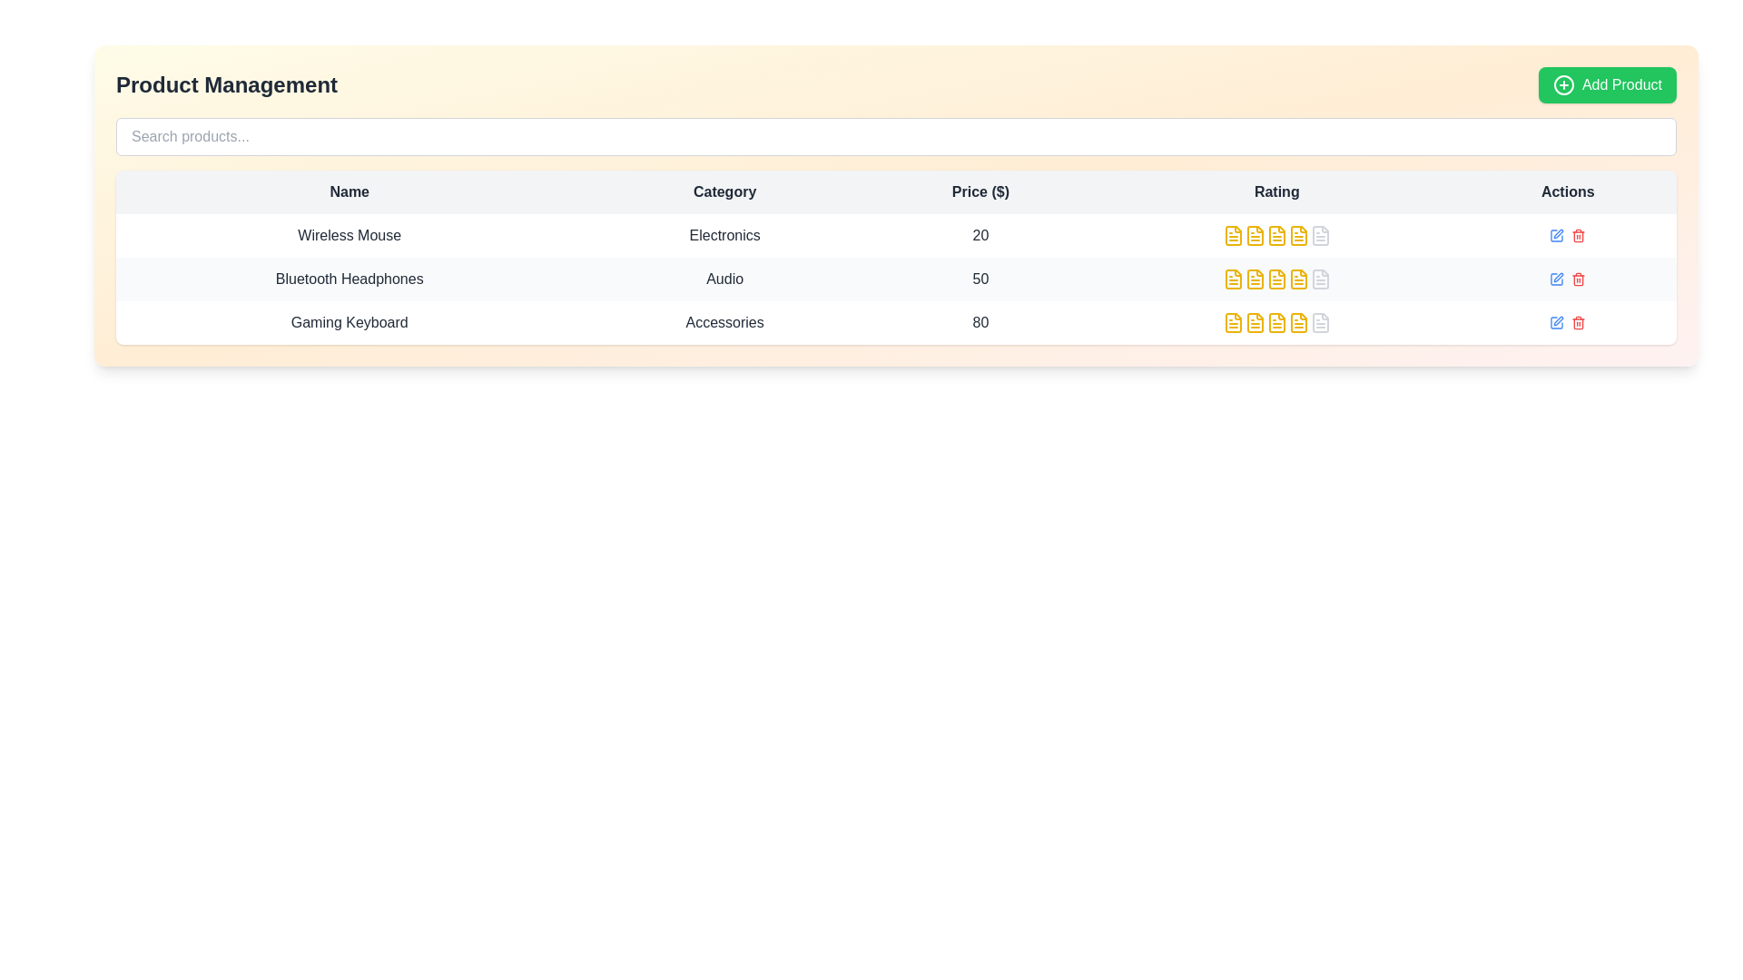  Describe the element at coordinates (1297, 321) in the screenshot. I see `last icon in the sequence of four icons within the rating column of the third row, which visually denotes a specific attribute or status of the product` at that location.